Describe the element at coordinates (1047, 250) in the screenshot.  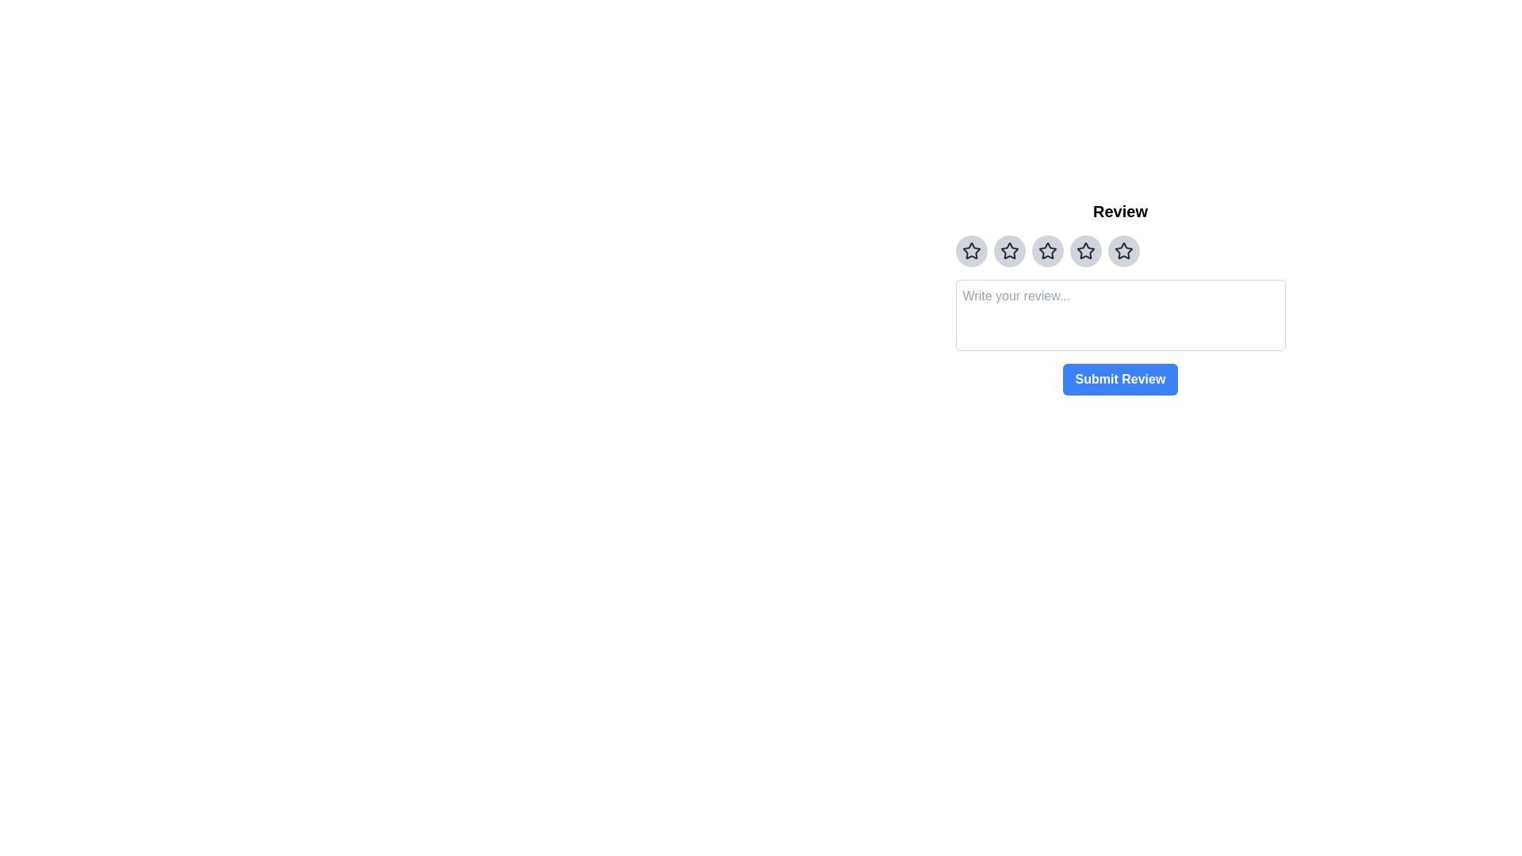
I see `the third star button in the rating system` at that location.